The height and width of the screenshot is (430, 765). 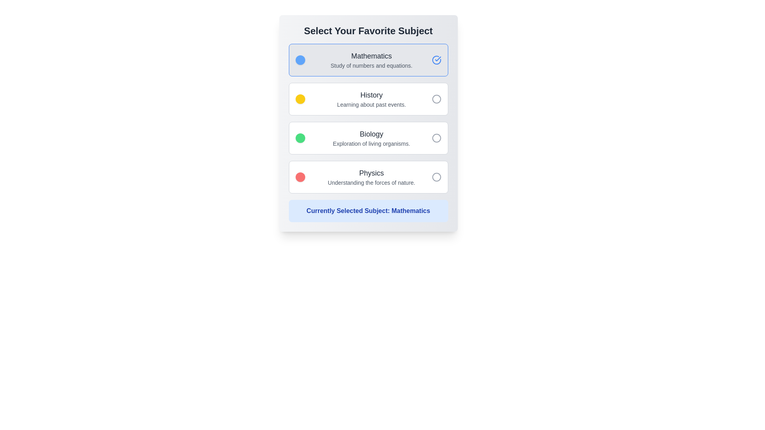 What do you see at coordinates (300, 99) in the screenshot?
I see `the small, circular yellow badge with a shadow effect in the second row of the selection list labeled 'History'` at bounding box center [300, 99].